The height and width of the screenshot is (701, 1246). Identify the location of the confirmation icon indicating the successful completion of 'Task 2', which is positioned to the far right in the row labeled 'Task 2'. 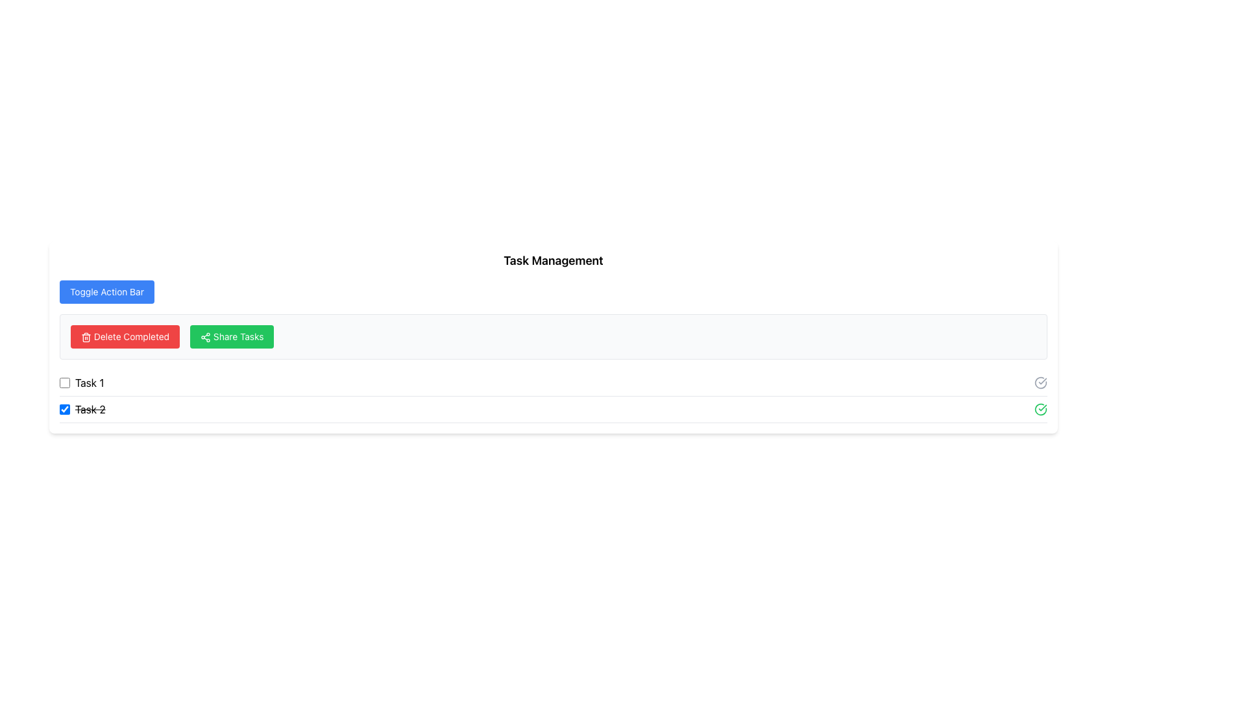
(1040, 410).